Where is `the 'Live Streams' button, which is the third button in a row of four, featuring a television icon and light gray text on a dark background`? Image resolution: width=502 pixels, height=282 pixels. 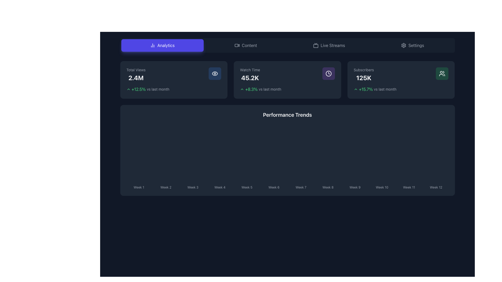
the 'Live Streams' button, which is the third button in a row of four, featuring a television icon and light gray text on a dark background is located at coordinates (329, 45).